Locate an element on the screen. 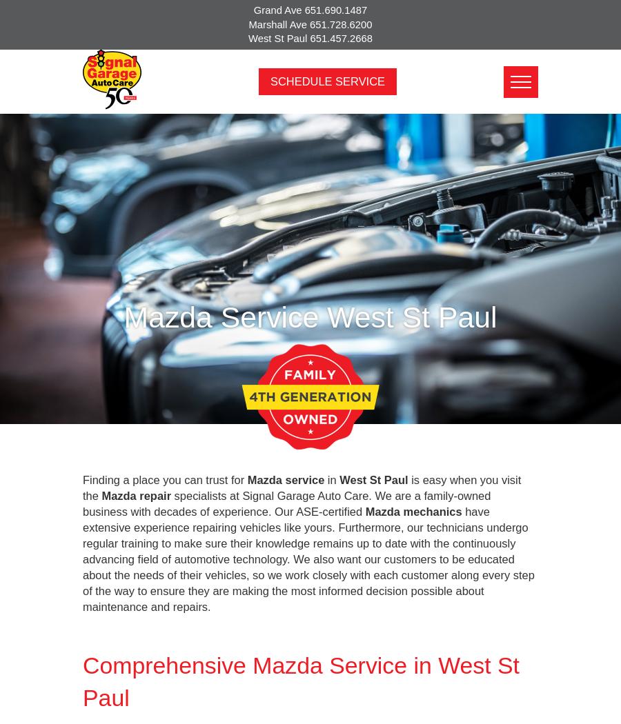 The width and height of the screenshot is (621, 724). 'Grand Ave' is located at coordinates (279, 10).